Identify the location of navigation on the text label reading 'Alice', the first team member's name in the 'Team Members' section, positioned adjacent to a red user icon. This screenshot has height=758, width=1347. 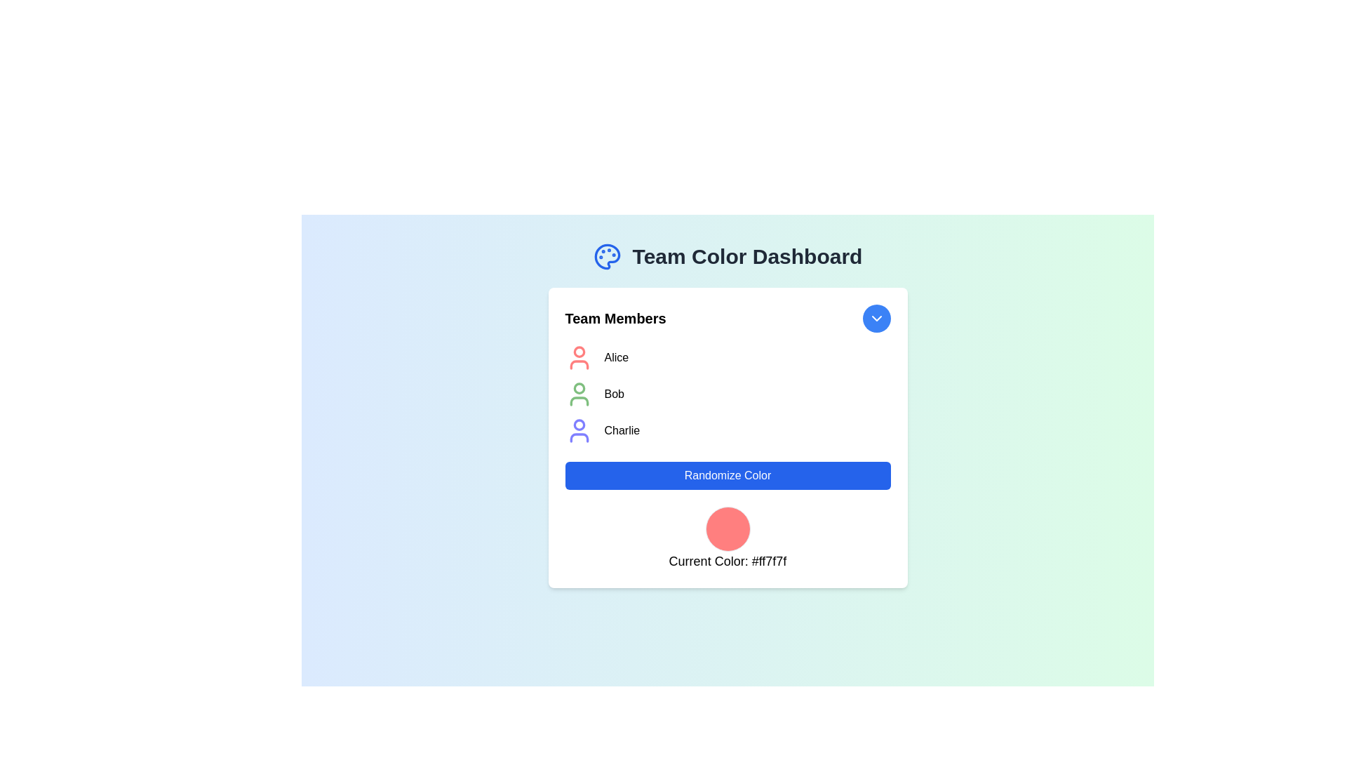
(616, 357).